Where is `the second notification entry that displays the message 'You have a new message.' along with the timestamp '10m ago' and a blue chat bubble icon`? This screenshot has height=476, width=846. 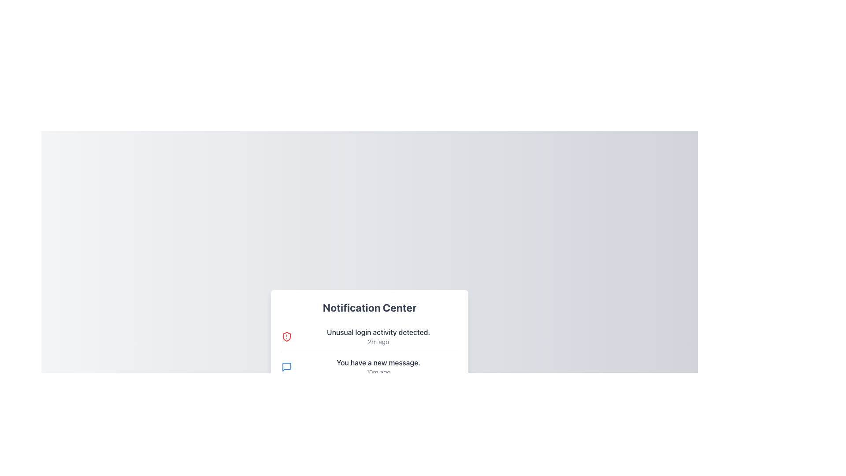
the second notification entry that displays the message 'You have a new message.' along with the timestamp '10m ago' and a blue chat bubble icon is located at coordinates (370, 367).